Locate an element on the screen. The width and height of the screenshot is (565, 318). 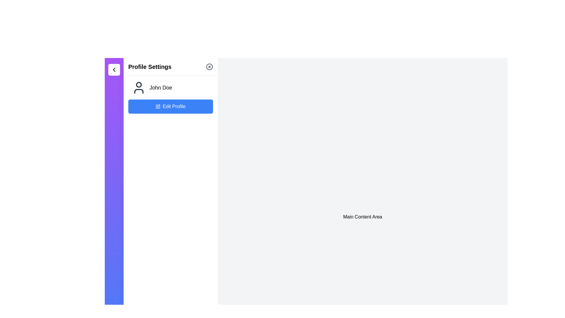
the leftward-pointing chevron icon located at the top of the sidebar is located at coordinates (114, 69).